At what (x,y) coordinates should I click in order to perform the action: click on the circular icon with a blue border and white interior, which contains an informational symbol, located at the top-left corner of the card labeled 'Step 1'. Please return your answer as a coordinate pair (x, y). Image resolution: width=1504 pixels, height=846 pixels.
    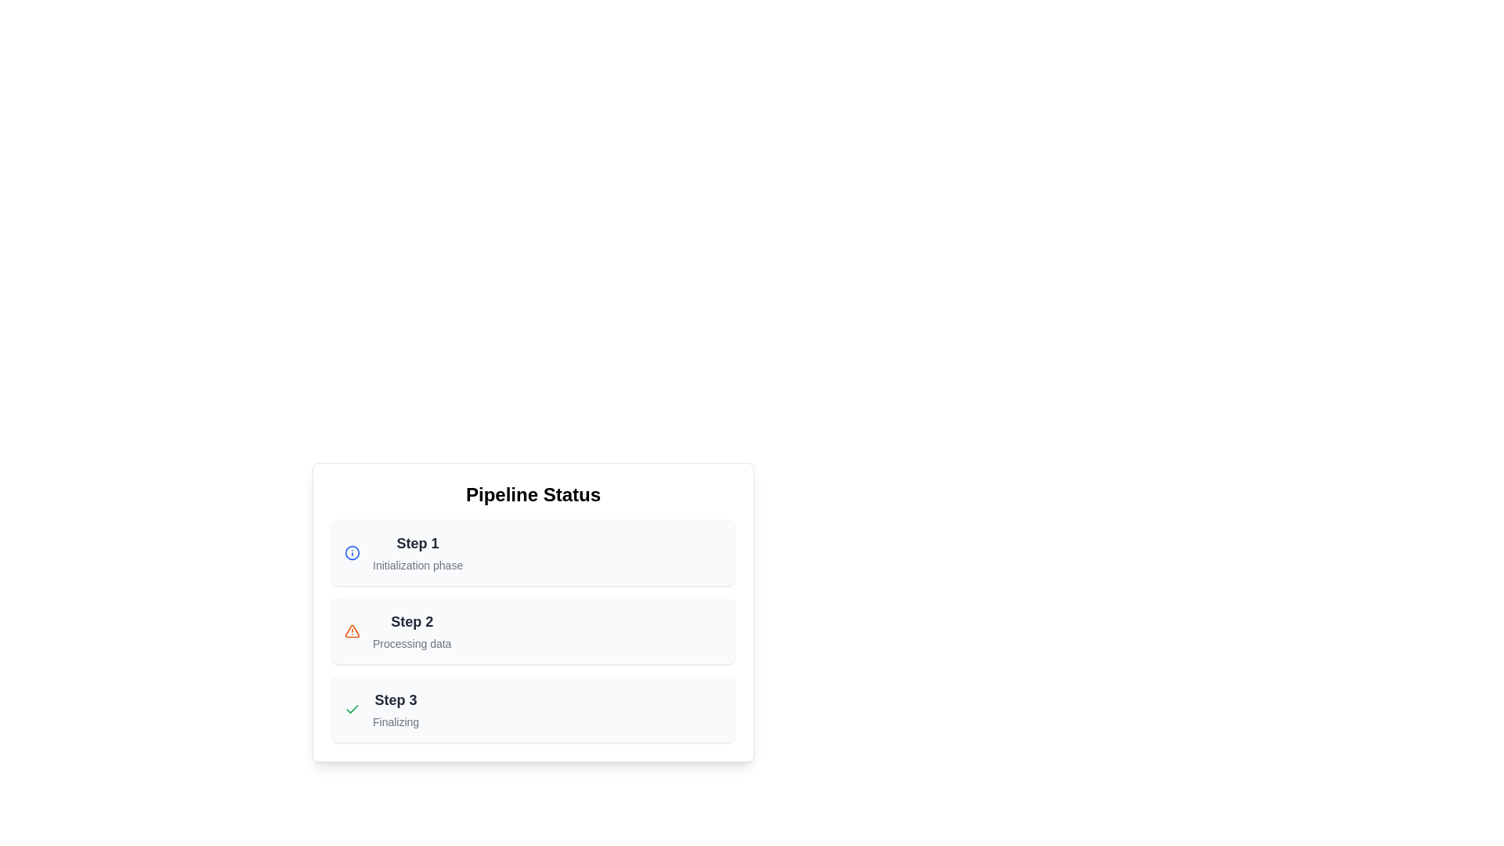
    Looking at the image, I should click on (352, 551).